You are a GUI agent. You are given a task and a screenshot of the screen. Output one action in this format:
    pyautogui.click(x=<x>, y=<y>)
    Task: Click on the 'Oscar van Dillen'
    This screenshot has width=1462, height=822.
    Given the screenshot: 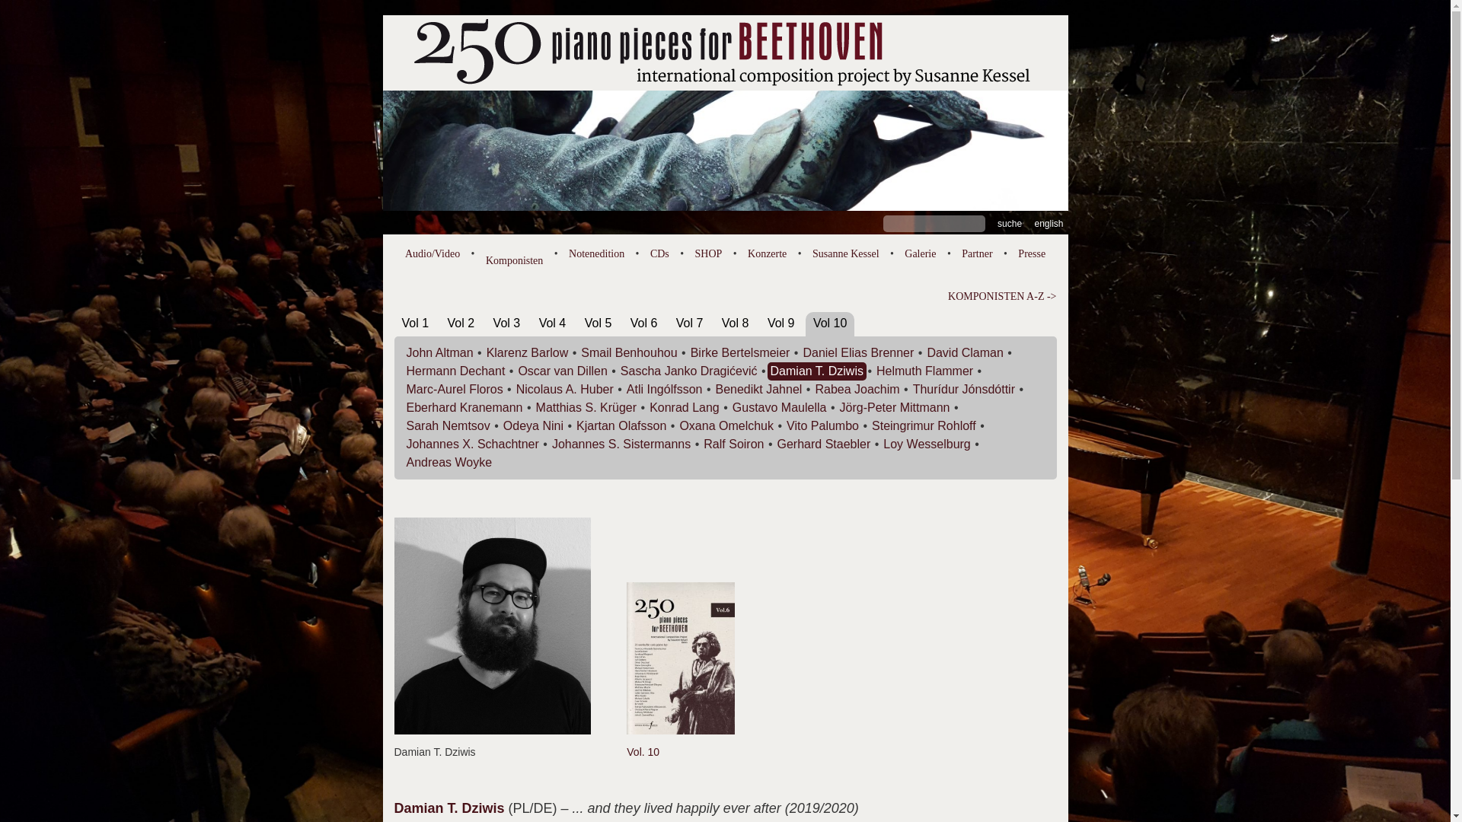 What is the action you would take?
    pyautogui.click(x=561, y=371)
    